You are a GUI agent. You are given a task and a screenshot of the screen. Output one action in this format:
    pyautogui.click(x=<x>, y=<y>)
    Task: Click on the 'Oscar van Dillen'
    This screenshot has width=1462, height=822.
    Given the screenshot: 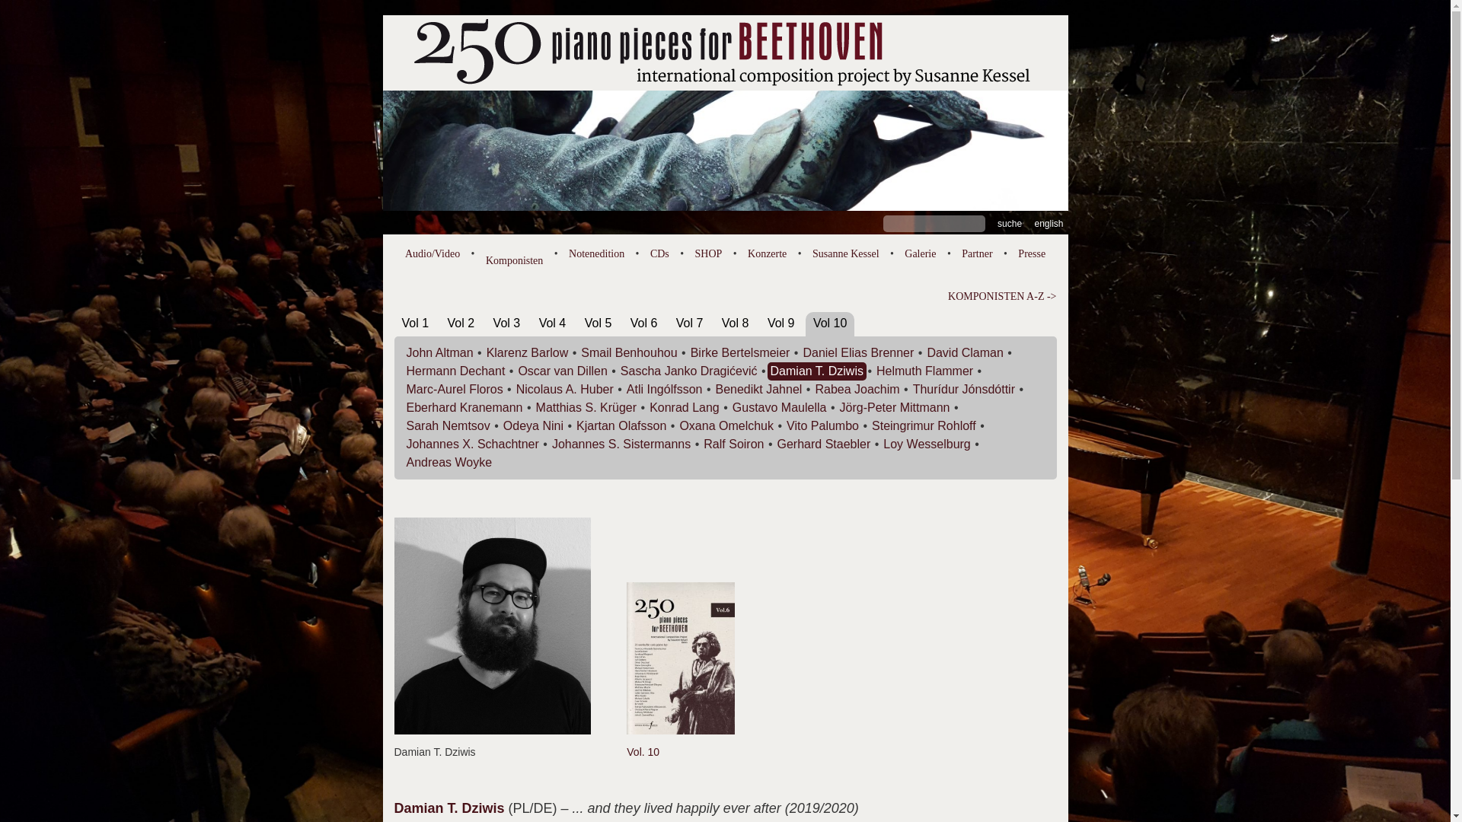 What is the action you would take?
    pyautogui.click(x=561, y=371)
    